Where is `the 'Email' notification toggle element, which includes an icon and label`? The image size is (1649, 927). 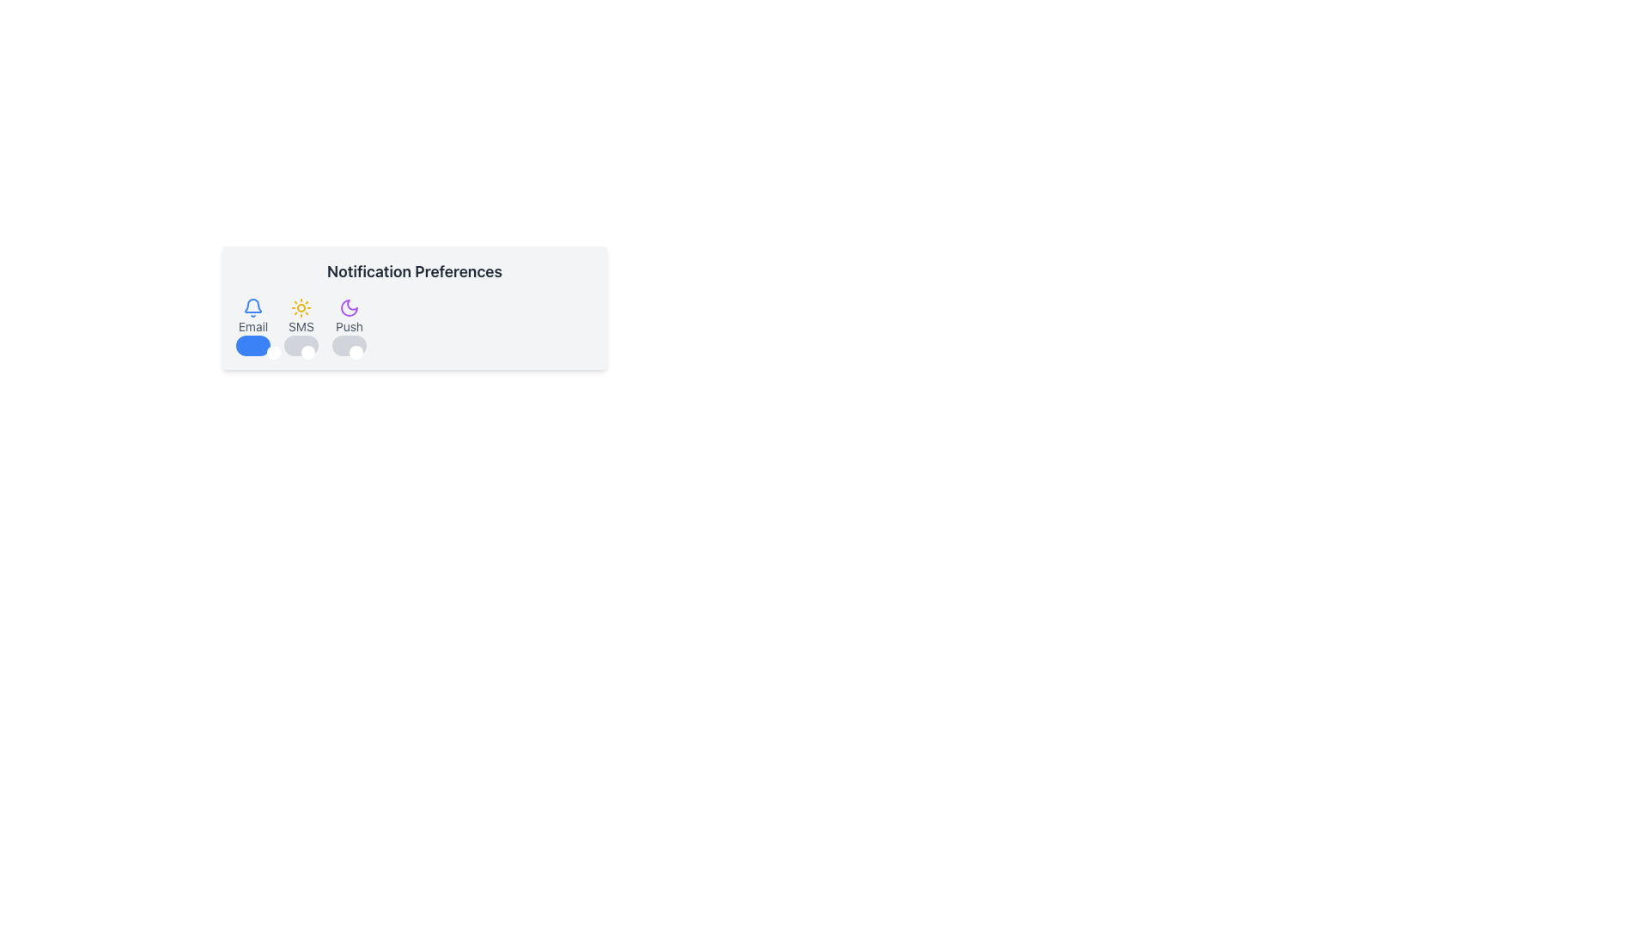 the 'Email' notification toggle element, which includes an icon and label is located at coordinates (252, 327).